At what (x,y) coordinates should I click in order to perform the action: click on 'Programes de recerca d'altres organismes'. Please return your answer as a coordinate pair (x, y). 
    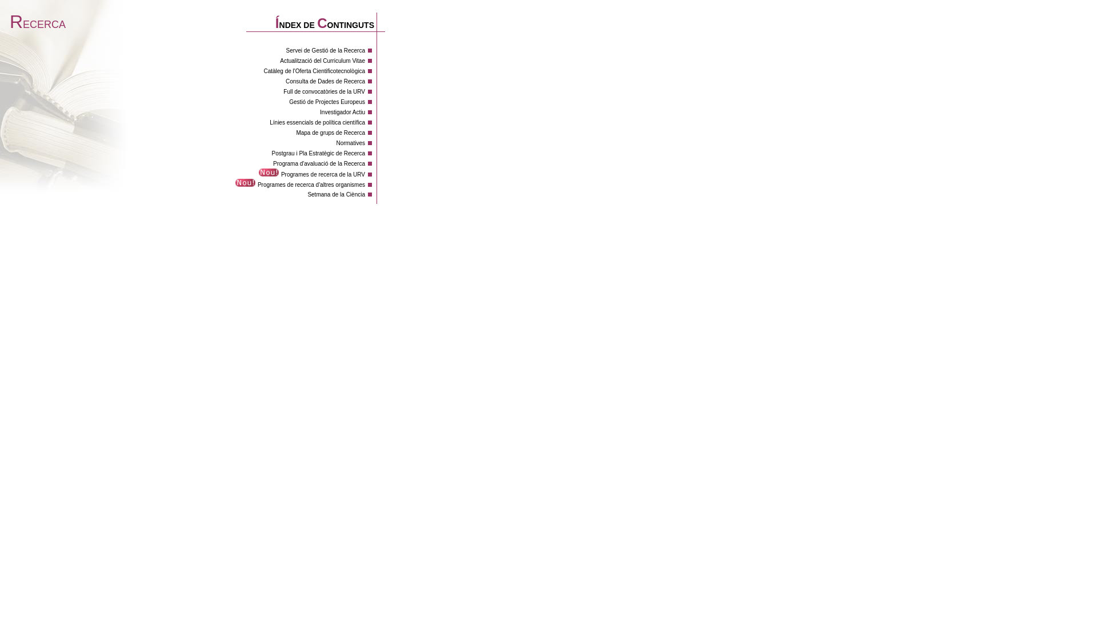
    Looking at the image, I should click on (311, 184).